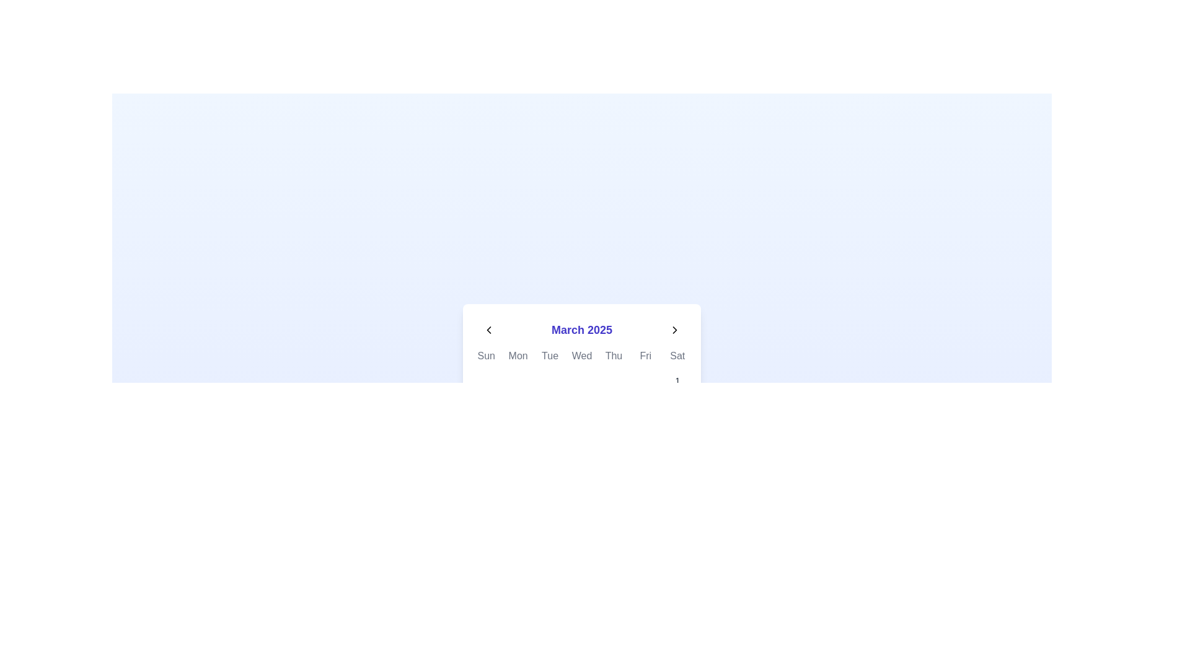 The height and width of the screenshot is (669, 1190). What do you see at coordinates (488, 329) in the screenshot?
I see `the small left-pointing chevron icon located to the immediate left of the 'March 2025' header in the calendar interface` at bounding box center [488, 329].